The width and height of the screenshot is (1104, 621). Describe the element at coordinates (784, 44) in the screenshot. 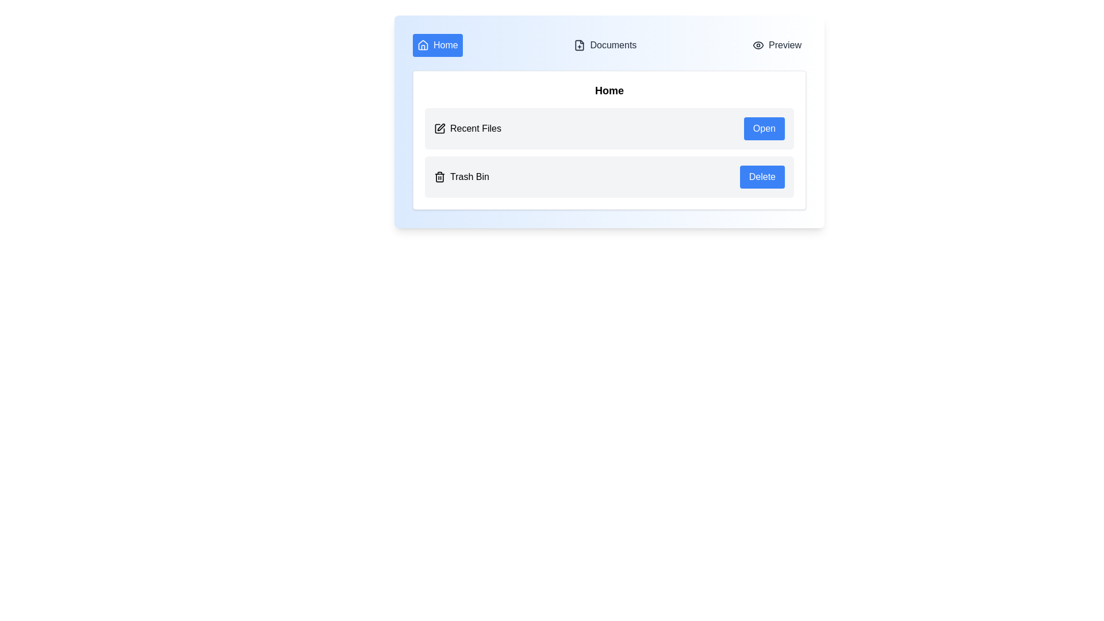

I see `text label 'Preview' located in the top-right corner of the interface, styled in a dark color and positioned to the right of an eye-shaped icon` at that location.